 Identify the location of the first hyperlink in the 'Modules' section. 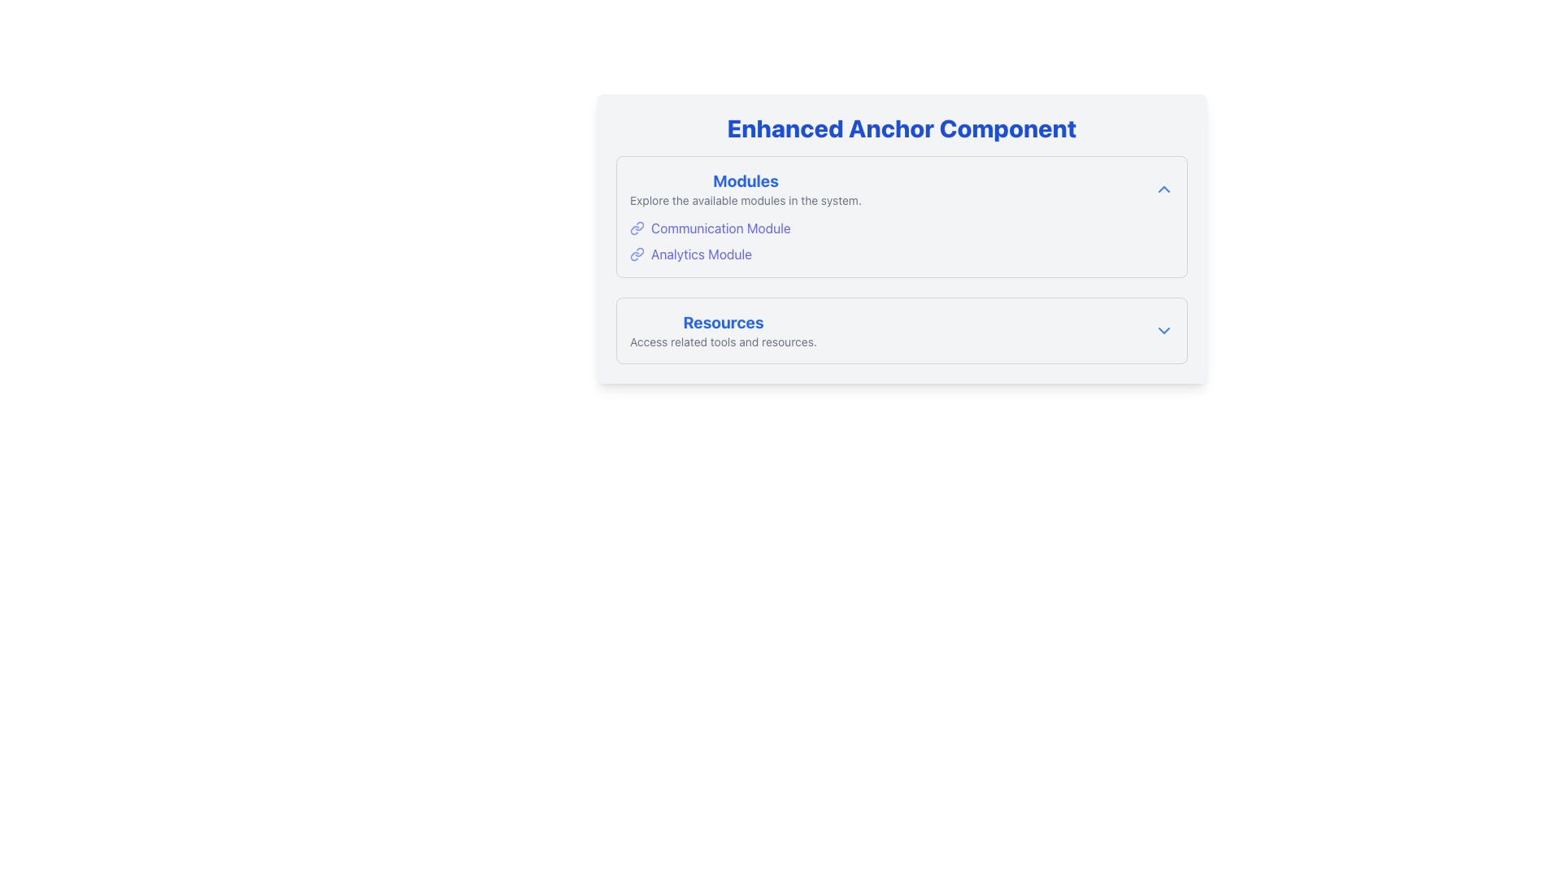
(901, 228).